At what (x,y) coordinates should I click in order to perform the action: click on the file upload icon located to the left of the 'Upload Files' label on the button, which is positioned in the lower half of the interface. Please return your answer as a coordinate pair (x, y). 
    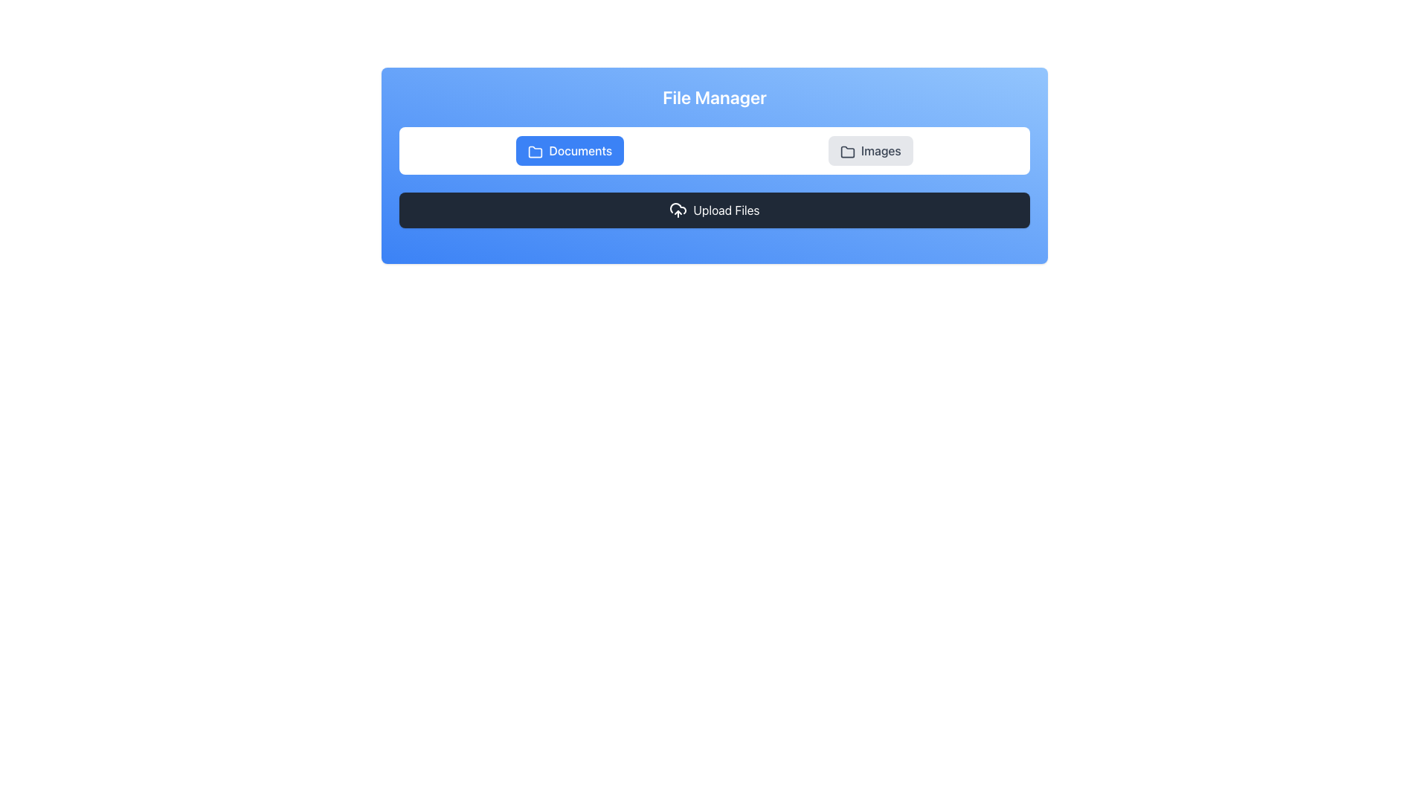
    Looking at the image, I should click on (678, 210).